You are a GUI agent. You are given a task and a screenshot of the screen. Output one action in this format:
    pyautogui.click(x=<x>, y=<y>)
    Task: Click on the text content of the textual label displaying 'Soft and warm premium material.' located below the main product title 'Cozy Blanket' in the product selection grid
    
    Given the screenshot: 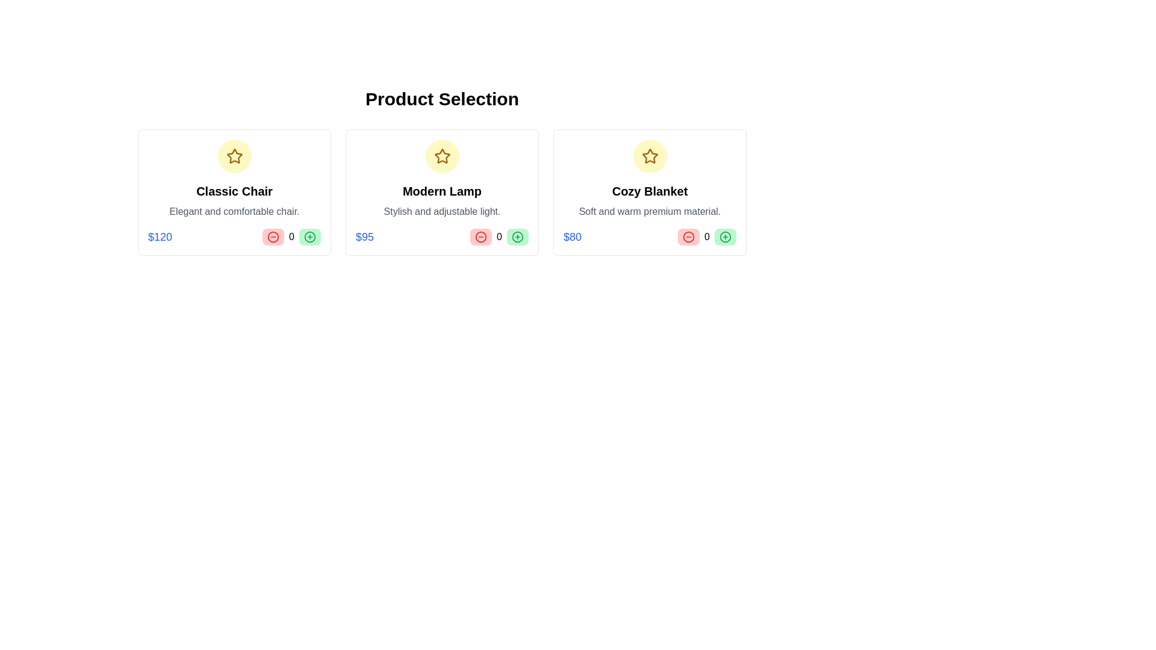 What is the action you would take?
    pyautogui.click(x=649, y=211)
    